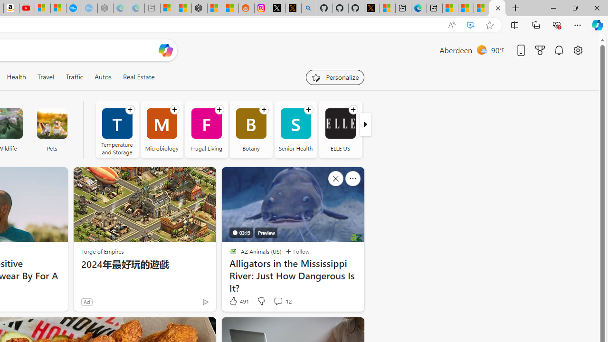  Describe the element at coordinates (51, 123) in the screenshot. I see `'Pets'` at that location.